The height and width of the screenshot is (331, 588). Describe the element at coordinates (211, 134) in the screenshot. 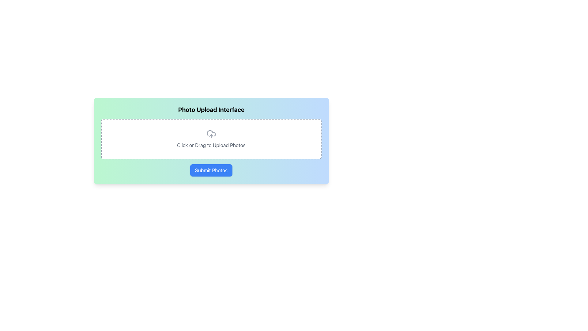

I see `the cloud-shaped upload icon with an upward-pointing arrow, which is located within the dashed-bordered rectangle labeled 'Click or Drag to Upload Photos'` at that location.